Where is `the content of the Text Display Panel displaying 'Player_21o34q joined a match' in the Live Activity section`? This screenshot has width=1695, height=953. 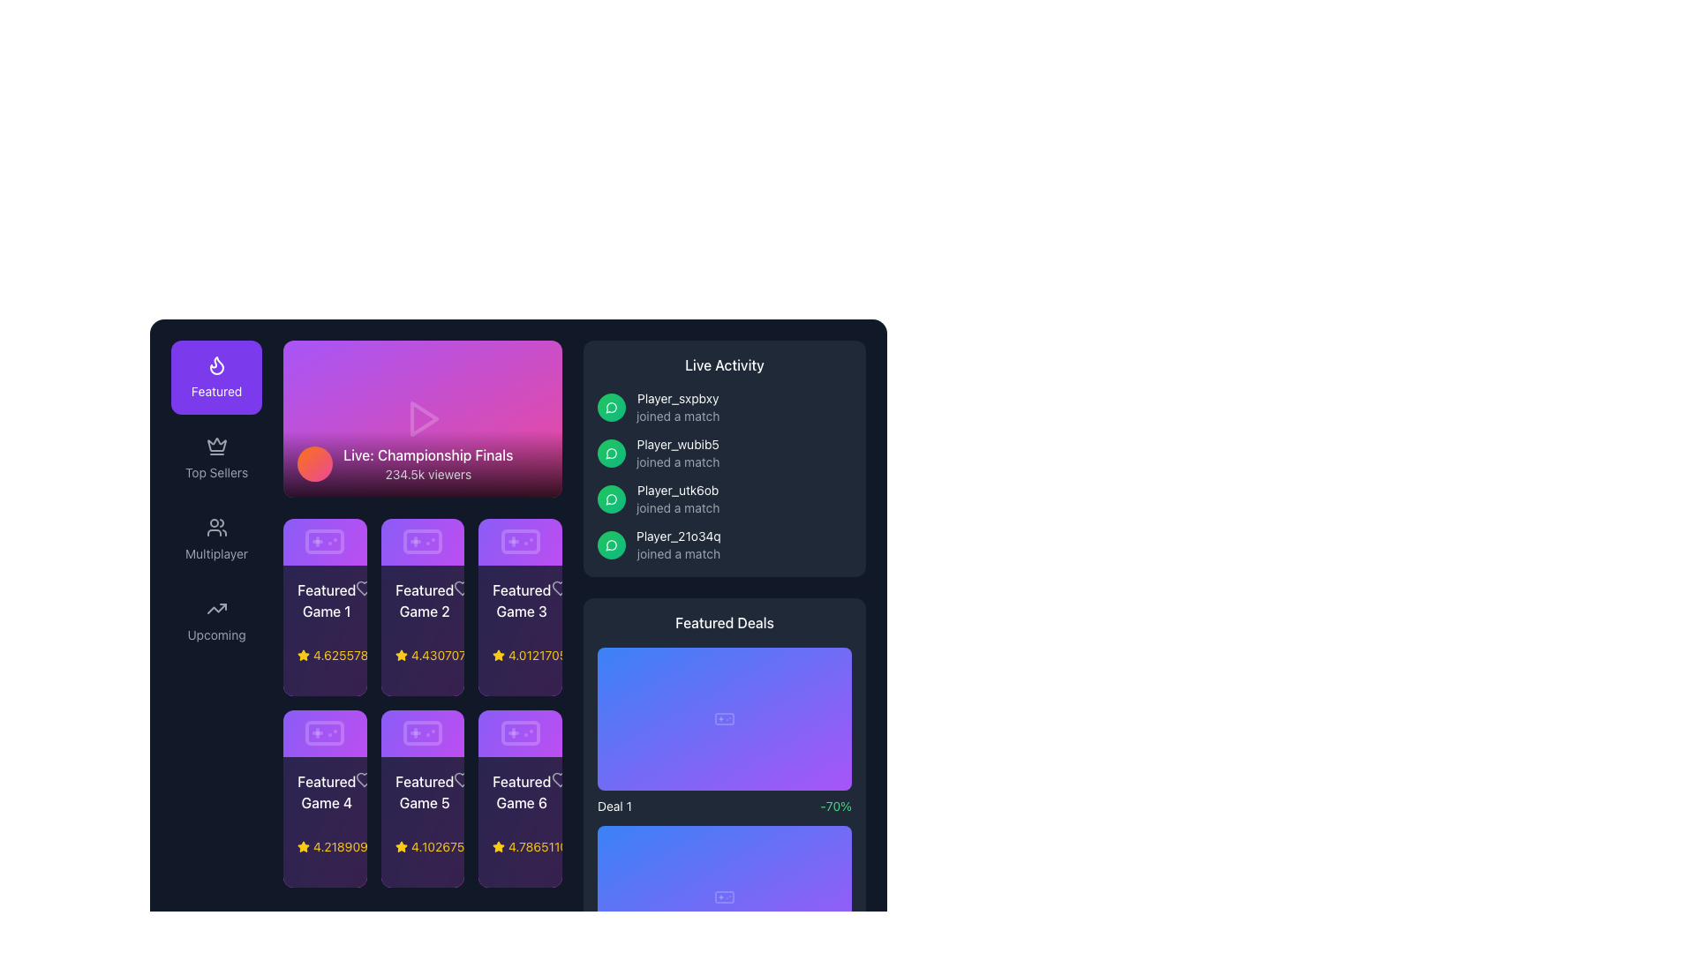 the content of the Text Display Panel displaying 'Player_21o34q joined a match' in the Live Activity section is located at coordinates (677, 544).